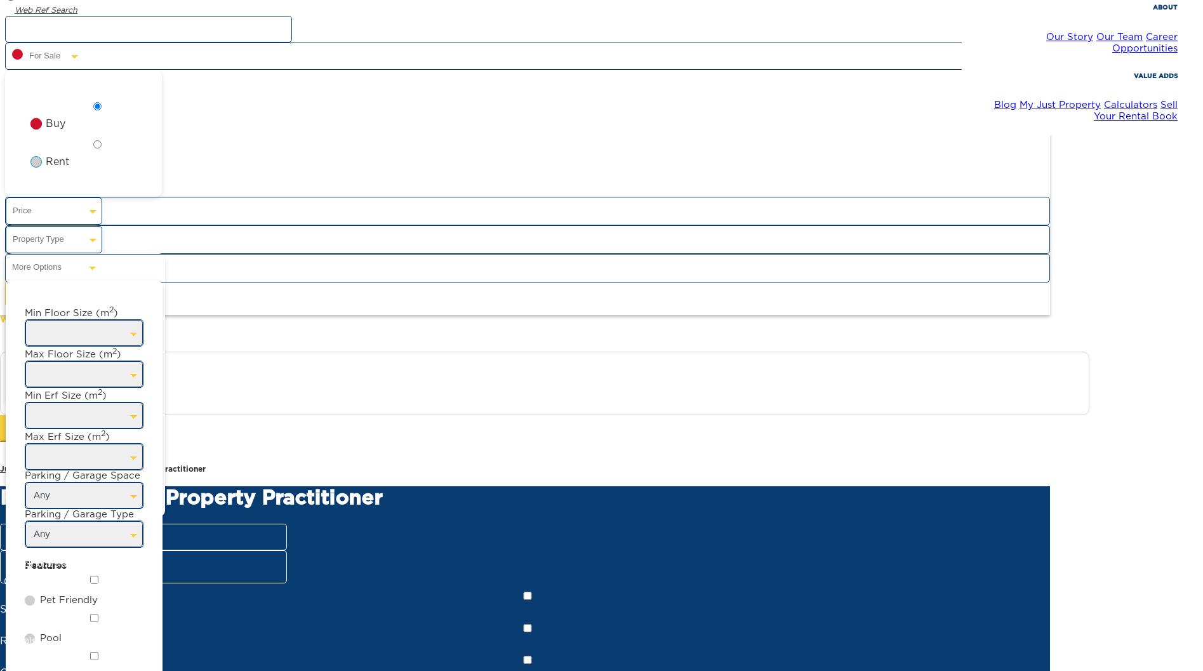 The width and height of the screenshot is (1203, 671). Describe the element at coordinates (46, 564) in the screenshot. I see `'Features'` at that location.